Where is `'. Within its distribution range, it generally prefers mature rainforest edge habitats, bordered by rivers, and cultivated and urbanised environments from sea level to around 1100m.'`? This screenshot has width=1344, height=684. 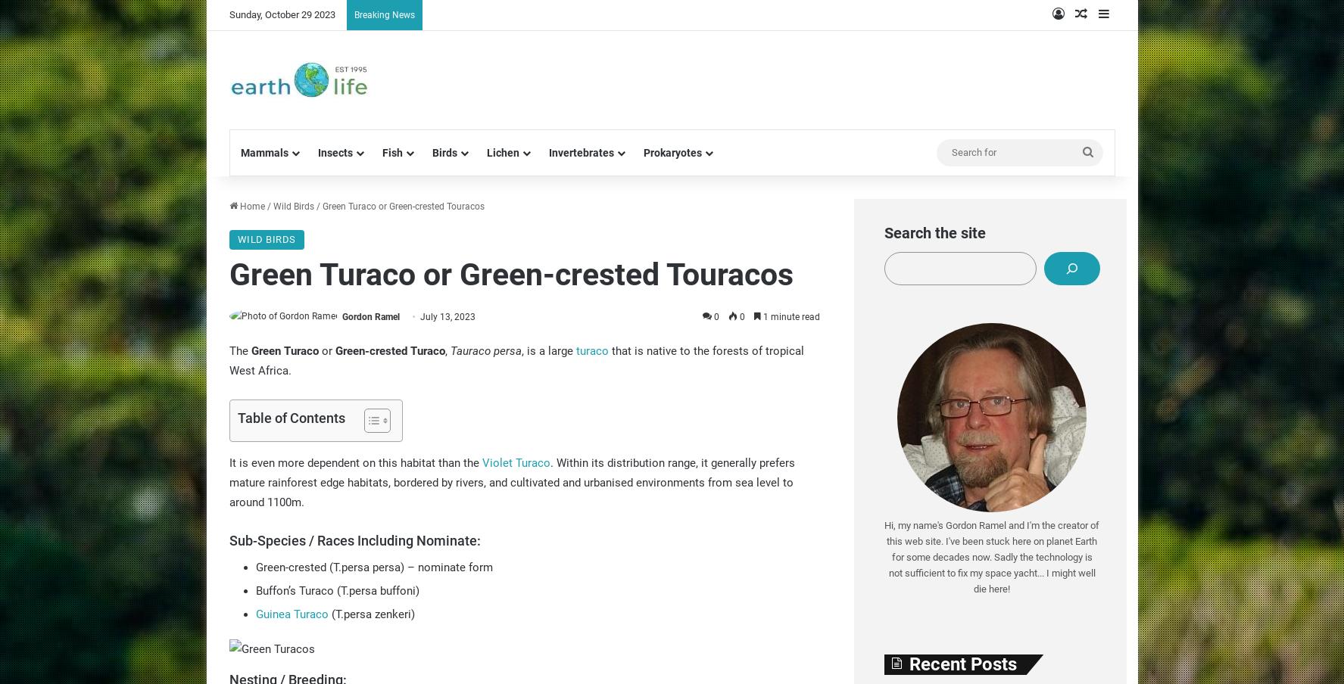 '. Within its distribution range, it generally prefers mature rainforest edge habitats, bordered by rivers, and cultivated and urbanised environments from sea level to around 1100m.' is located at coordinates (510, 483).